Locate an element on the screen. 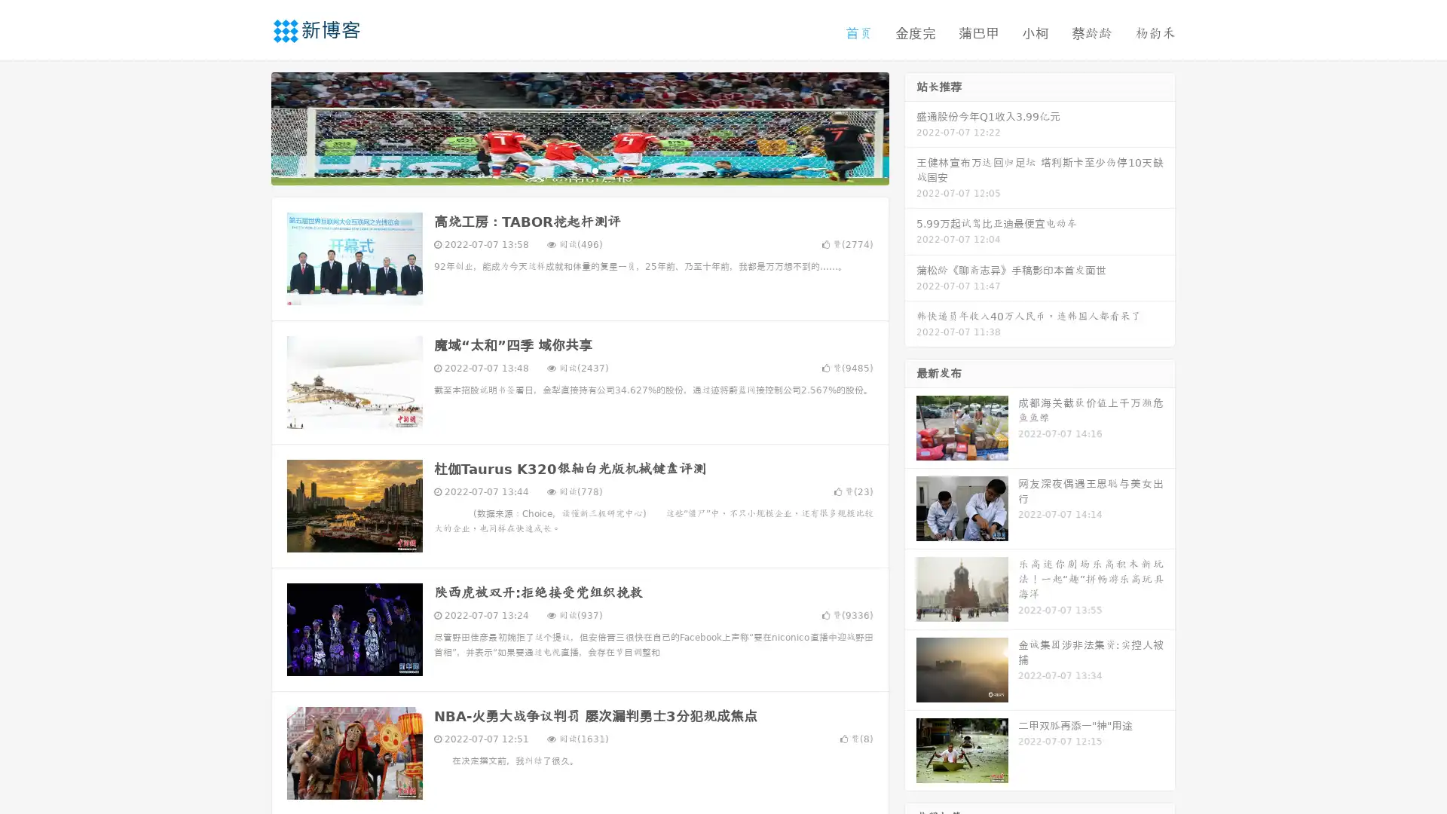  Go to slide 3 is located at coordinates (595, 170).